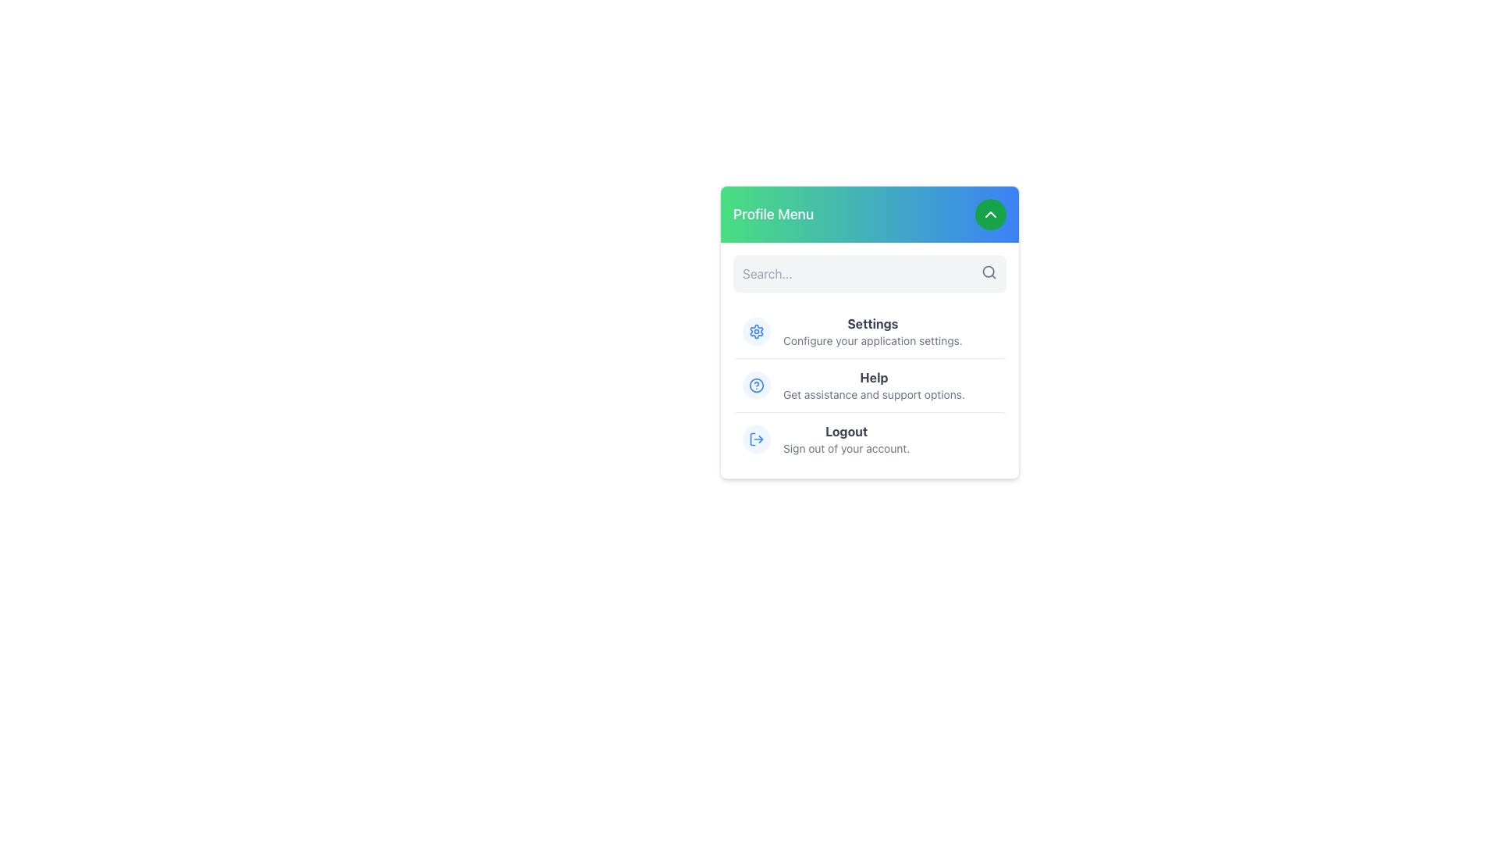 The height and width of the screenshot is (843, 1498). I want to click on the upwards-facing chevron icon within the green circular button located in the top-right corner of the profile menu's header, so click(990, 214).